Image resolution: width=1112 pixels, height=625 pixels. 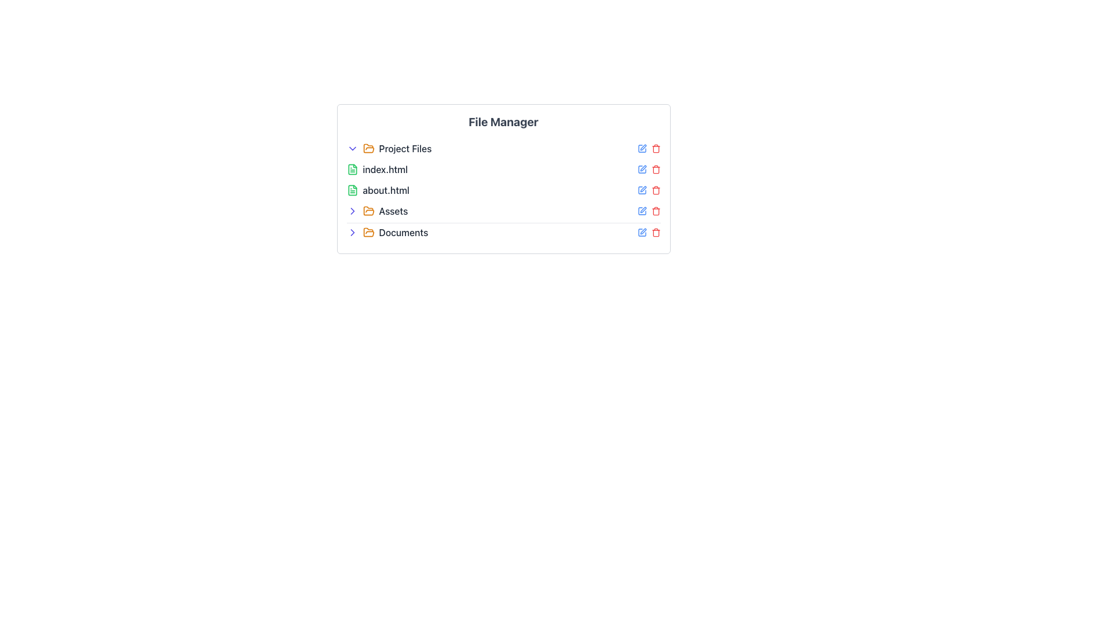 I want to click on the pen icon button in the delete action row for the 'Assets' file or folder, so click(x=642, y=209).